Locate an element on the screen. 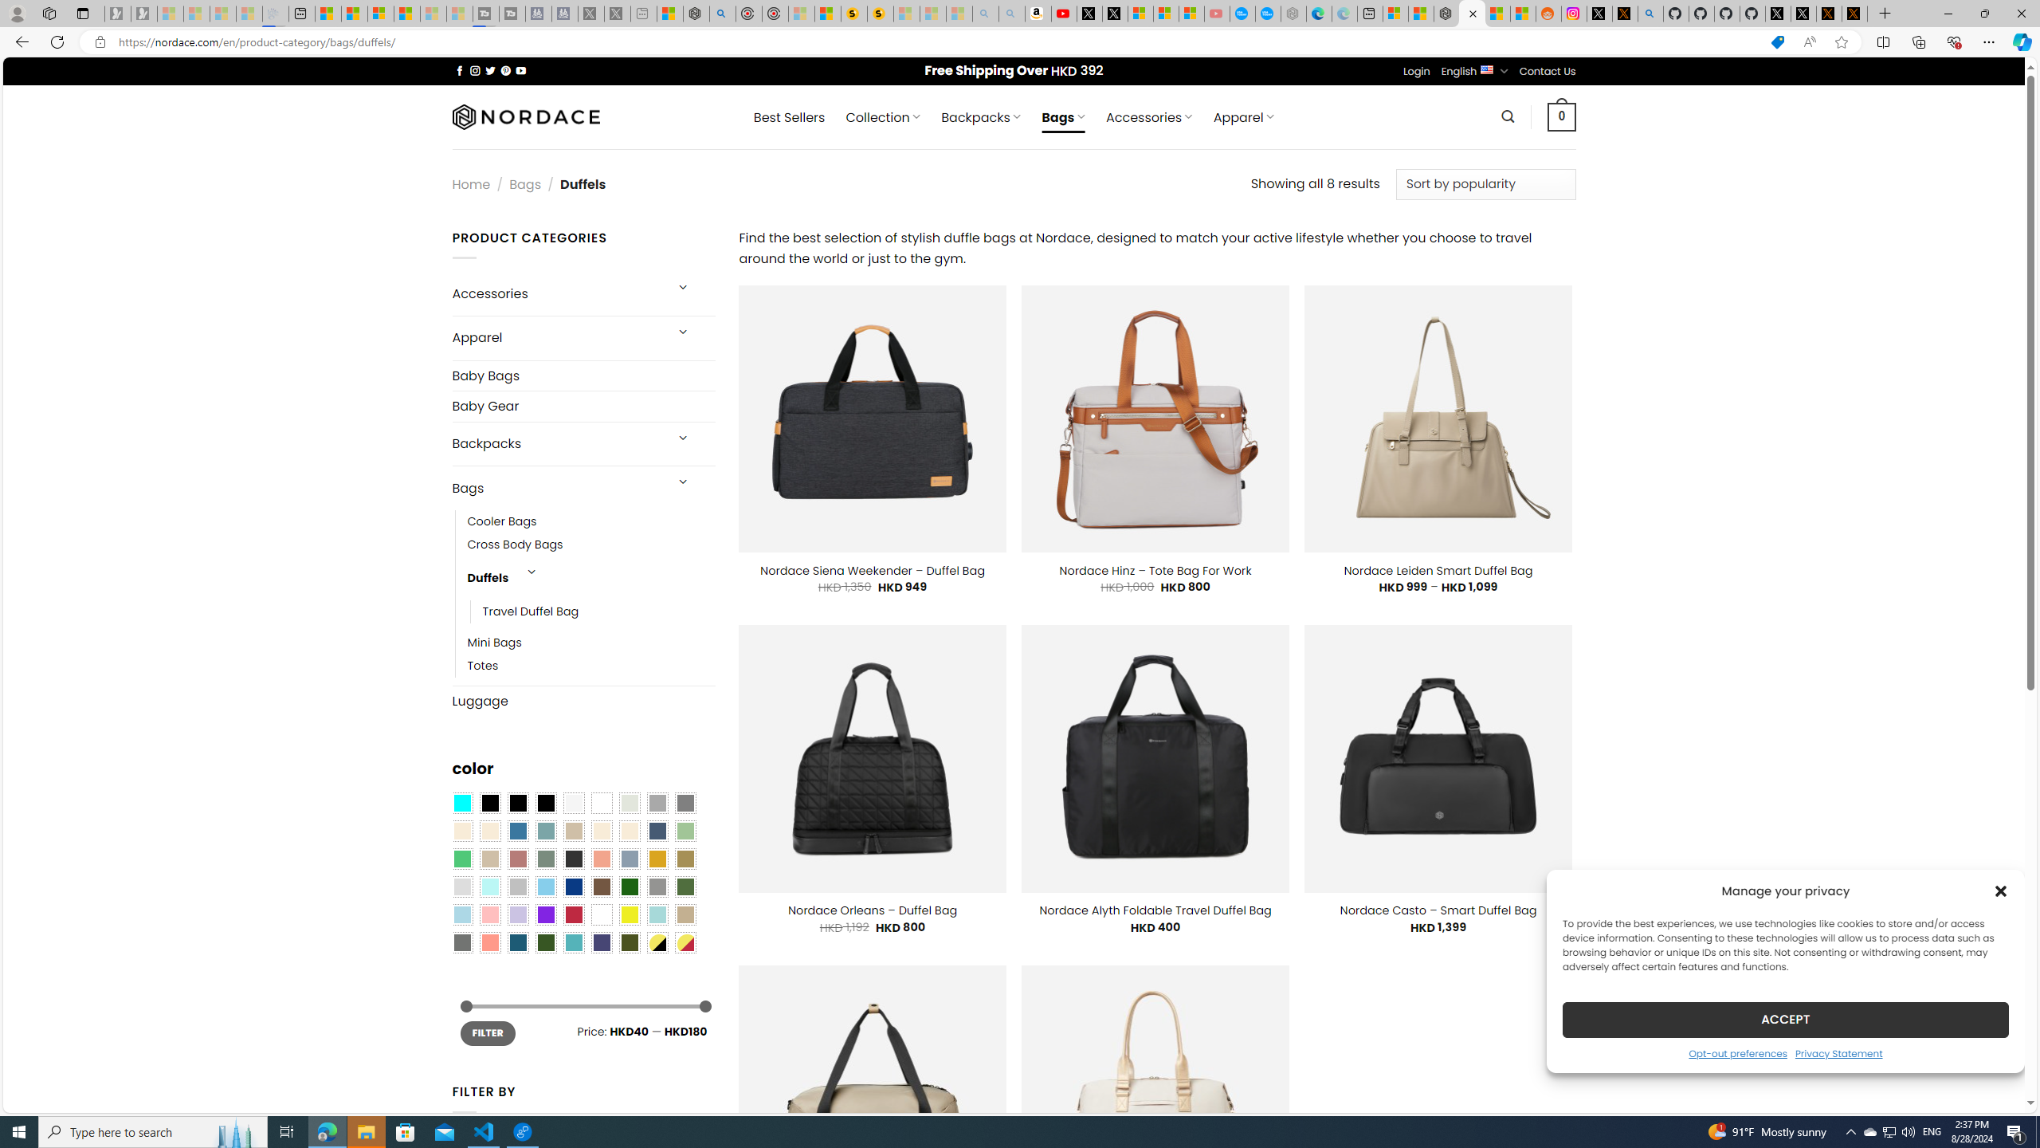 This screenshot has height=1148, width=2040. 'Cross Body Bags' is located at coordinates (514, 545).